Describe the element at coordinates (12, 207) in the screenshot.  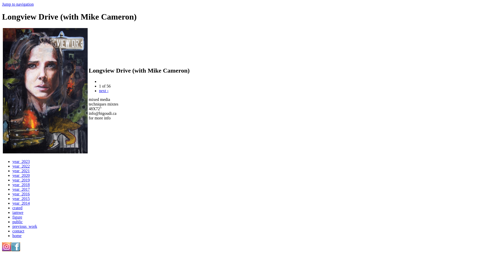
I see `'crated'` at that location.